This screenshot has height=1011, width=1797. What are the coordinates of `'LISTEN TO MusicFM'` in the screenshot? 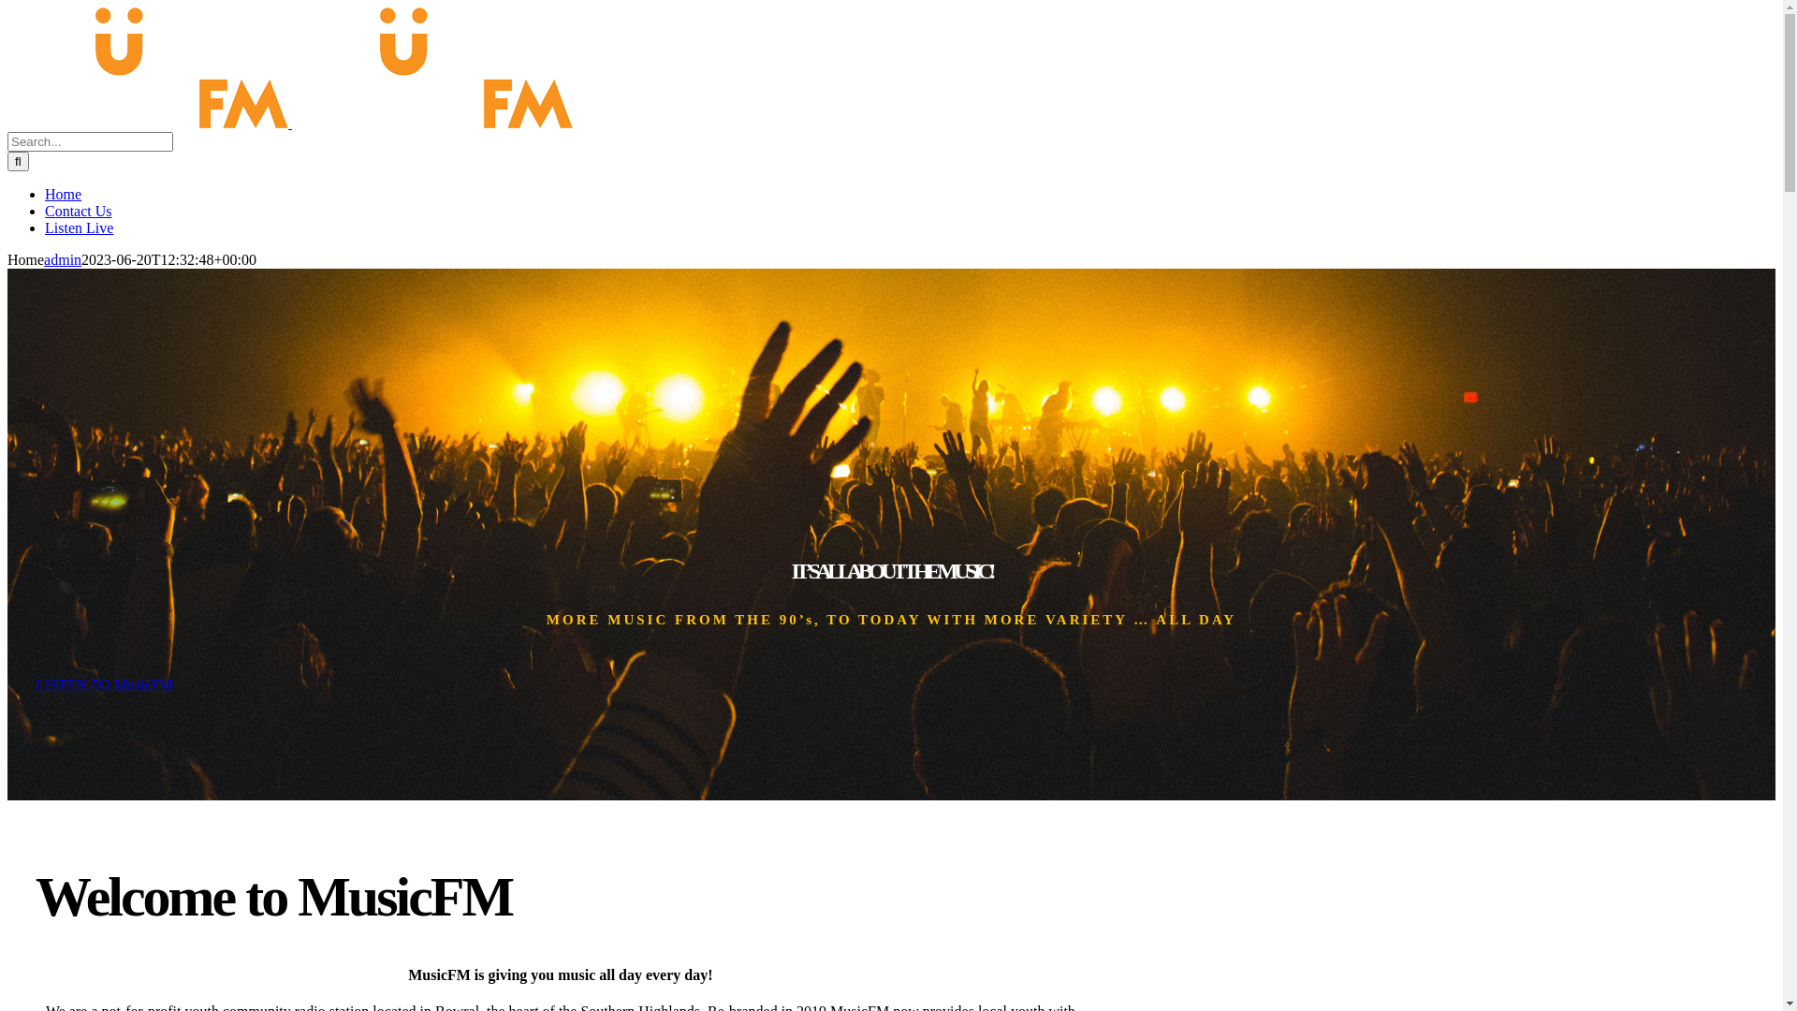 It's located at (103, 684).